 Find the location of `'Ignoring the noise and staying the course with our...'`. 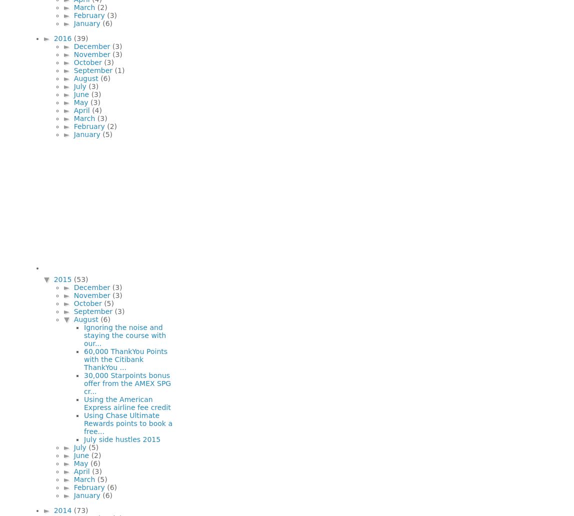

'Ignoring the noise and staying the course with our...' is located at coordinates (124, 335).